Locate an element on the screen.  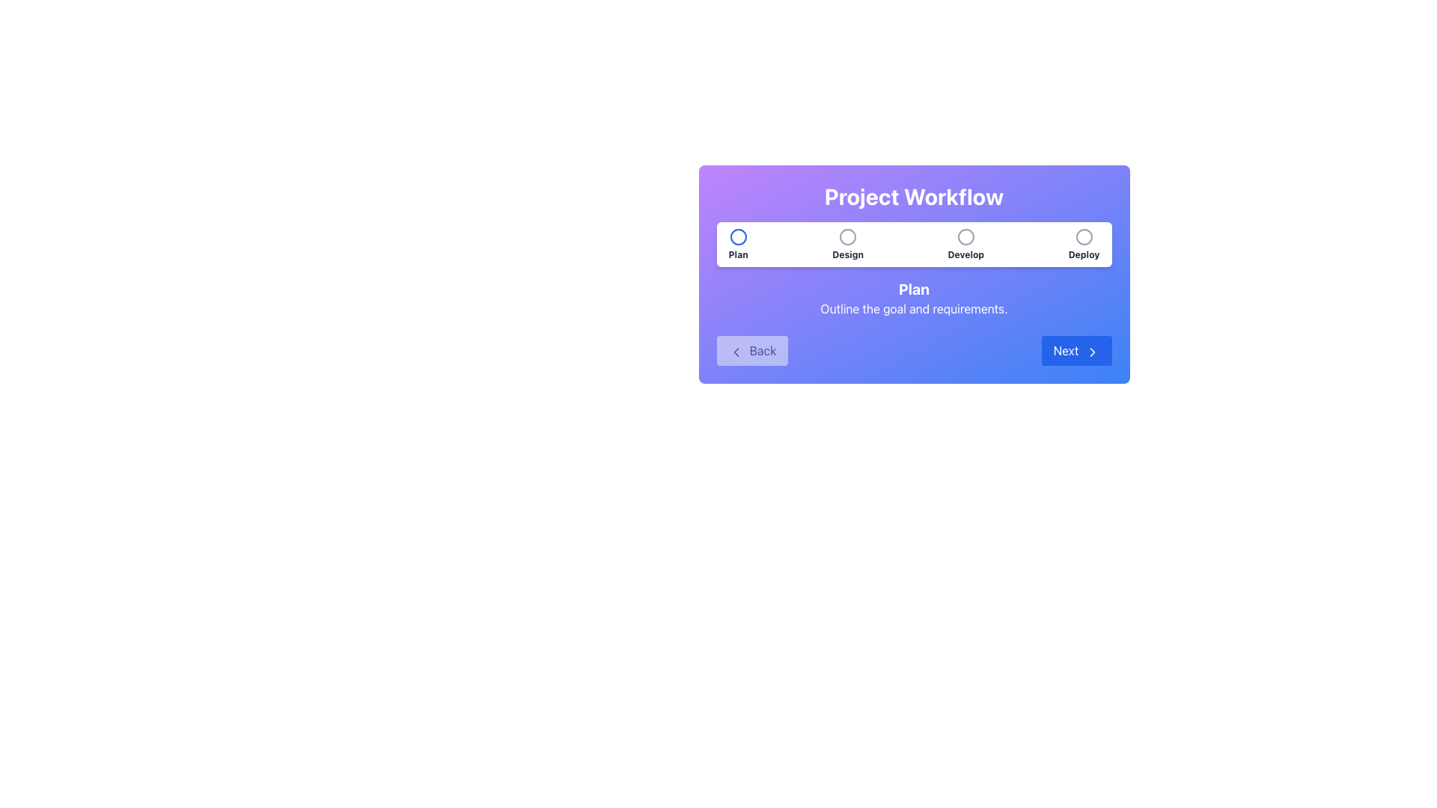
the circular icon with a blue border located in the top left portion of the segmented navigation row within the 'Plan' section for interaction if enabled is located at coordinates (738, 236).